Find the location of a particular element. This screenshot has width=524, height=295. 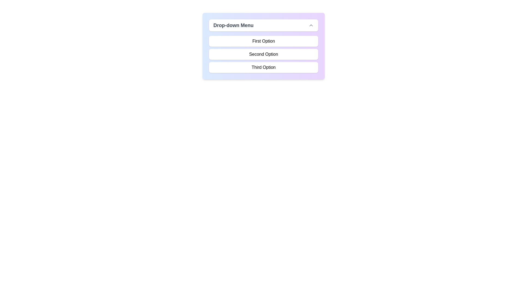

the 'First Option' button, which is a horizontally elongated rectangular button with rounded corners, displaying the text 'First Option' centered within it is located at coordinates (263, 41).